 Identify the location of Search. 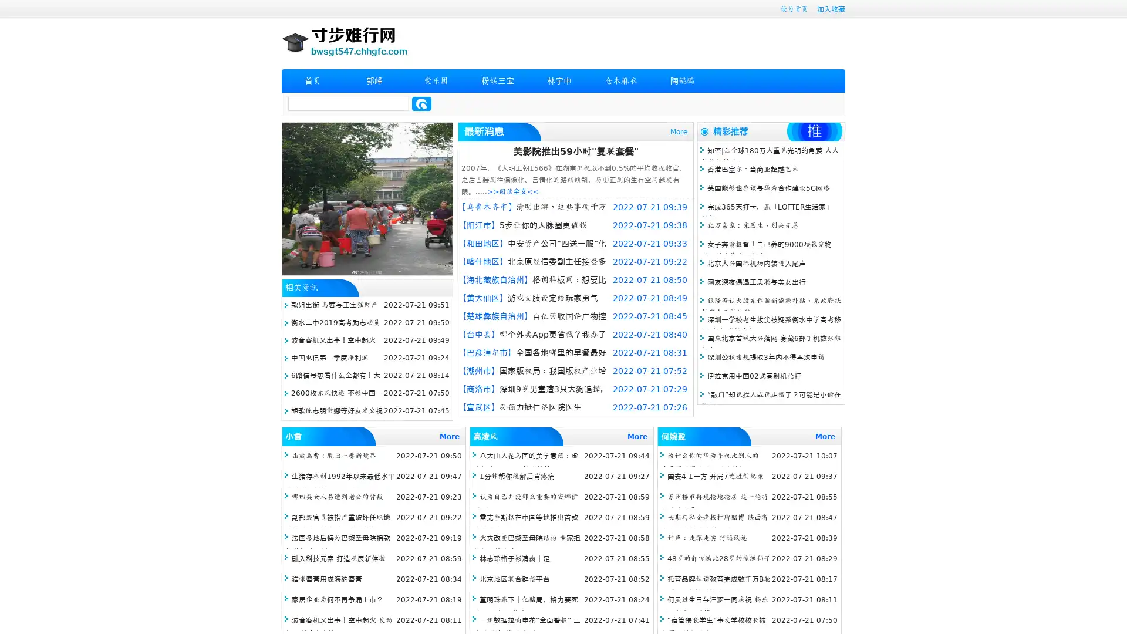
(421, 103).